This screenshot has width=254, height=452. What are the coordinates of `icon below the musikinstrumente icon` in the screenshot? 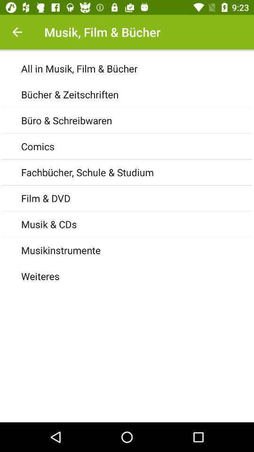 It's located at (137, 276).